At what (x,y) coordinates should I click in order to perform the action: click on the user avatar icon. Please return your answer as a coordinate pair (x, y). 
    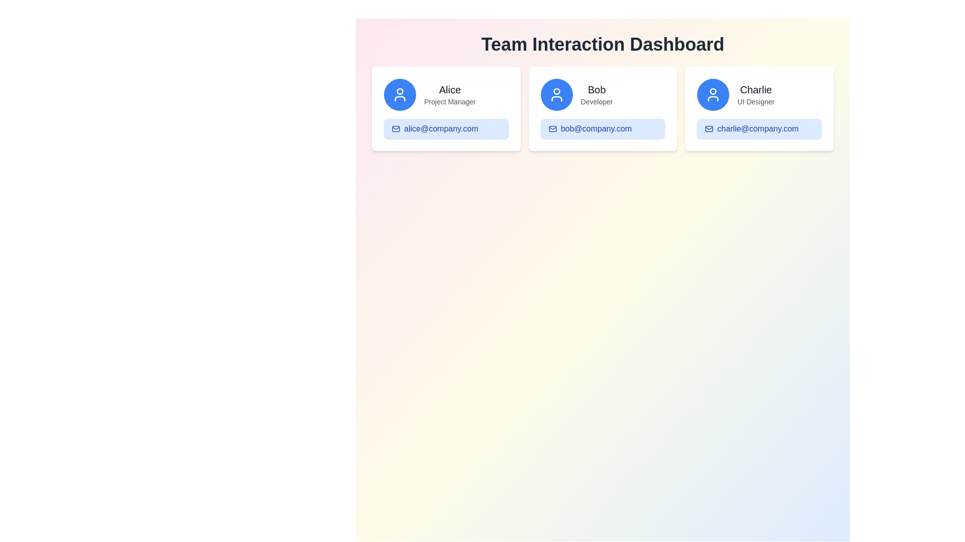
    Looking at the image, I should click on (713, 95).